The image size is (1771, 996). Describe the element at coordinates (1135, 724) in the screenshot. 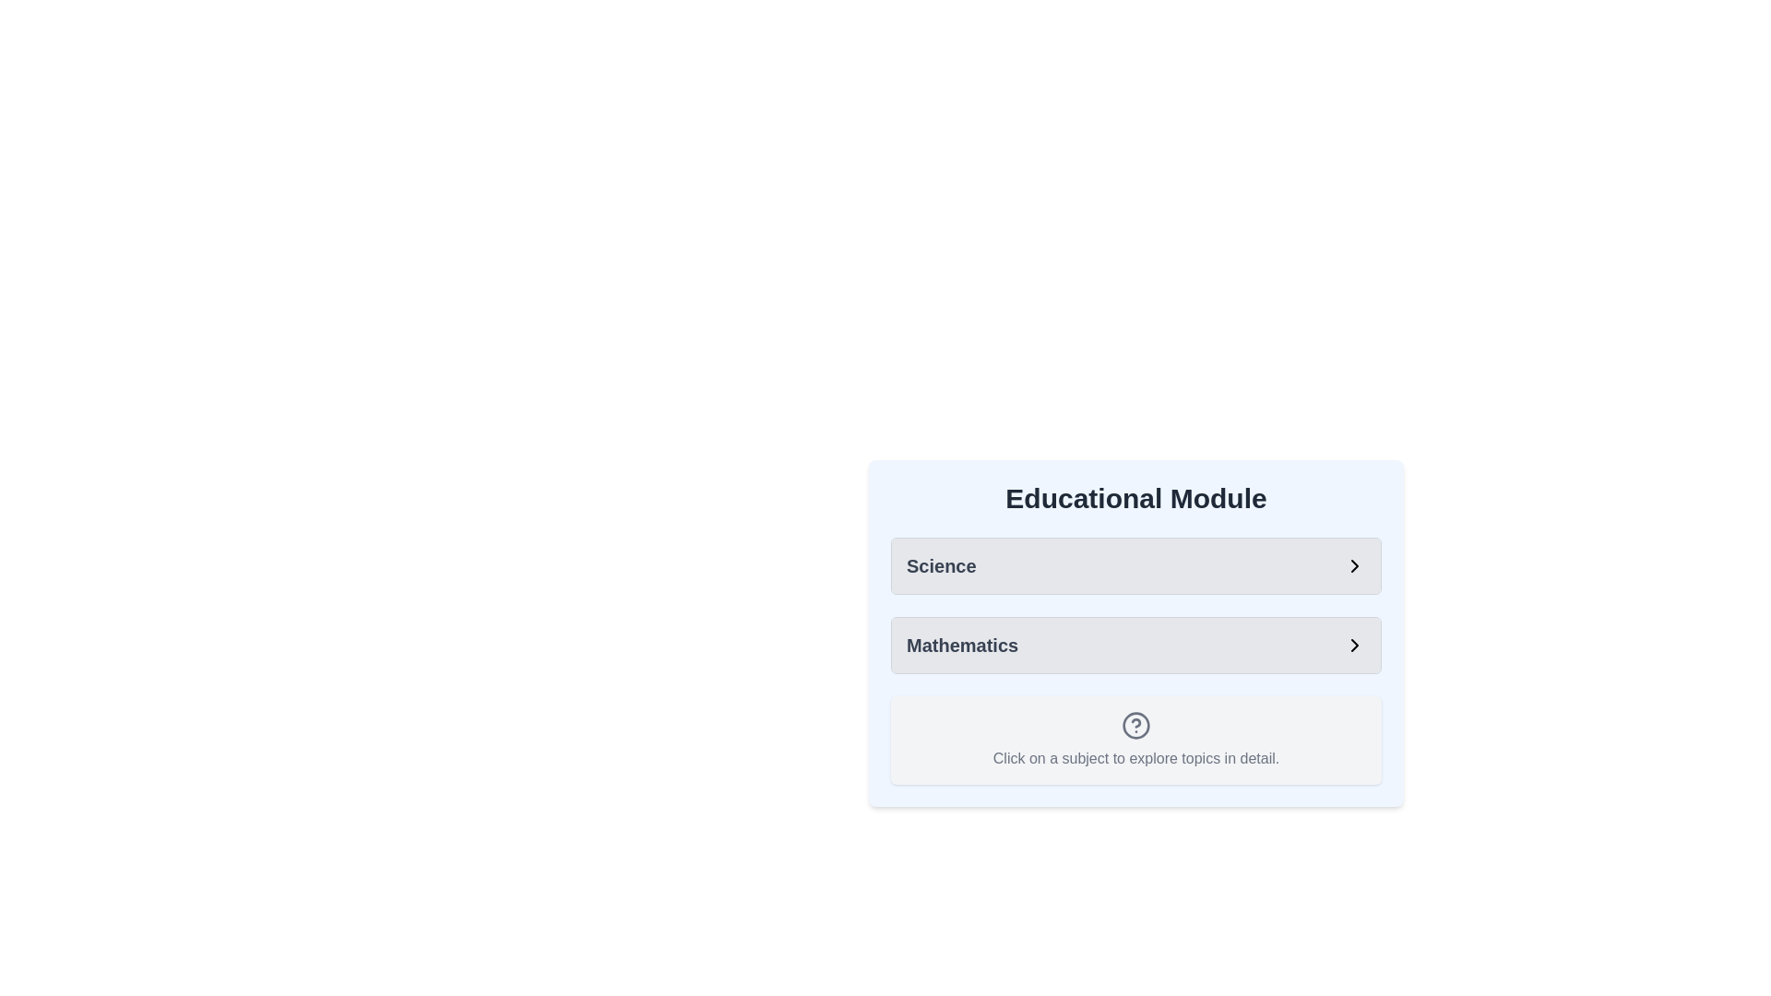

I see `the decorative SVG circle element that is part of the help or information symbol located below the 'Mathematics' selection and above the informational text` at that location.